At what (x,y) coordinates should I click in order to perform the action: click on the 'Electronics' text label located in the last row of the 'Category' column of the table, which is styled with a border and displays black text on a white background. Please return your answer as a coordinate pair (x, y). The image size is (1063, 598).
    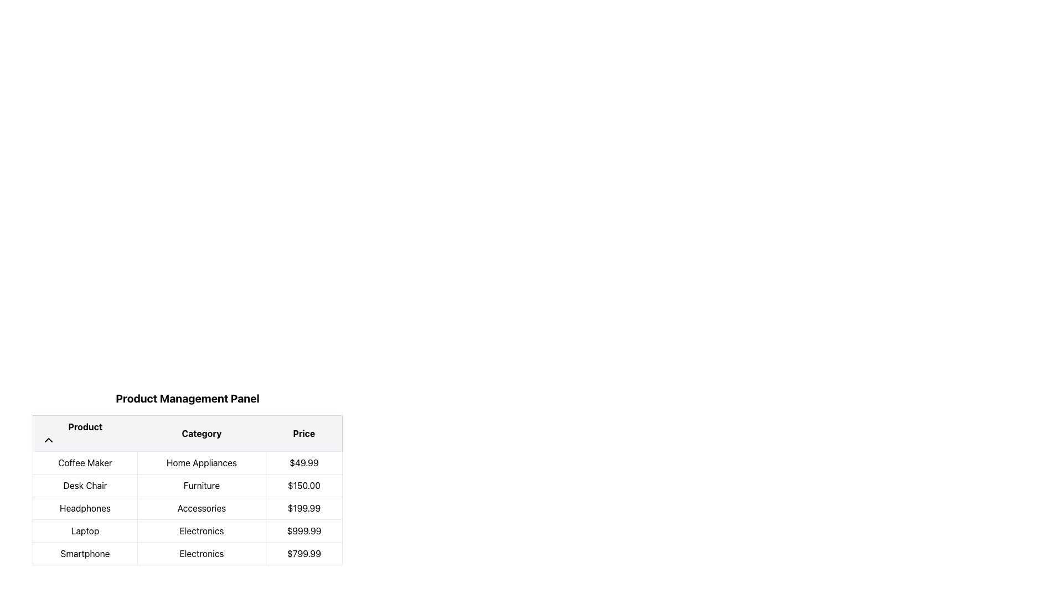
    Looking at the image, I should click on (202, 553).